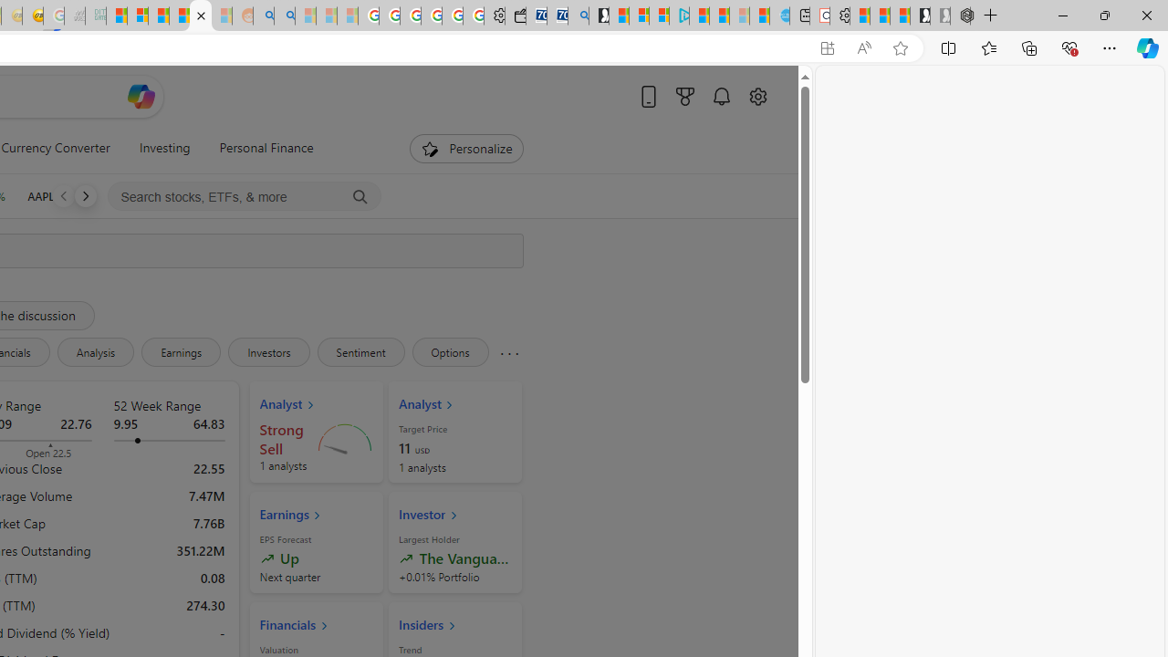 This screenshot has height=657, width=1168. Describe the element at coordinates (467, 148) in the screenshot. I see `'Personalize'` at that location.